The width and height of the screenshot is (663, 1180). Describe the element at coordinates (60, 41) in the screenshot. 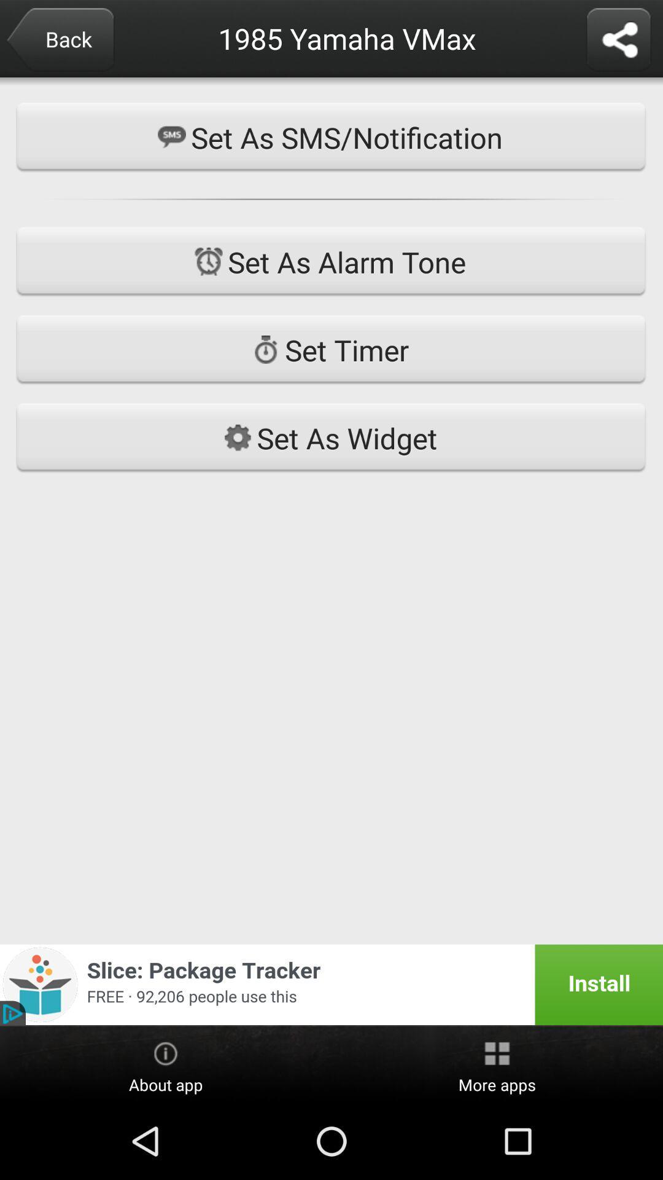

I see `the back item` at that location.